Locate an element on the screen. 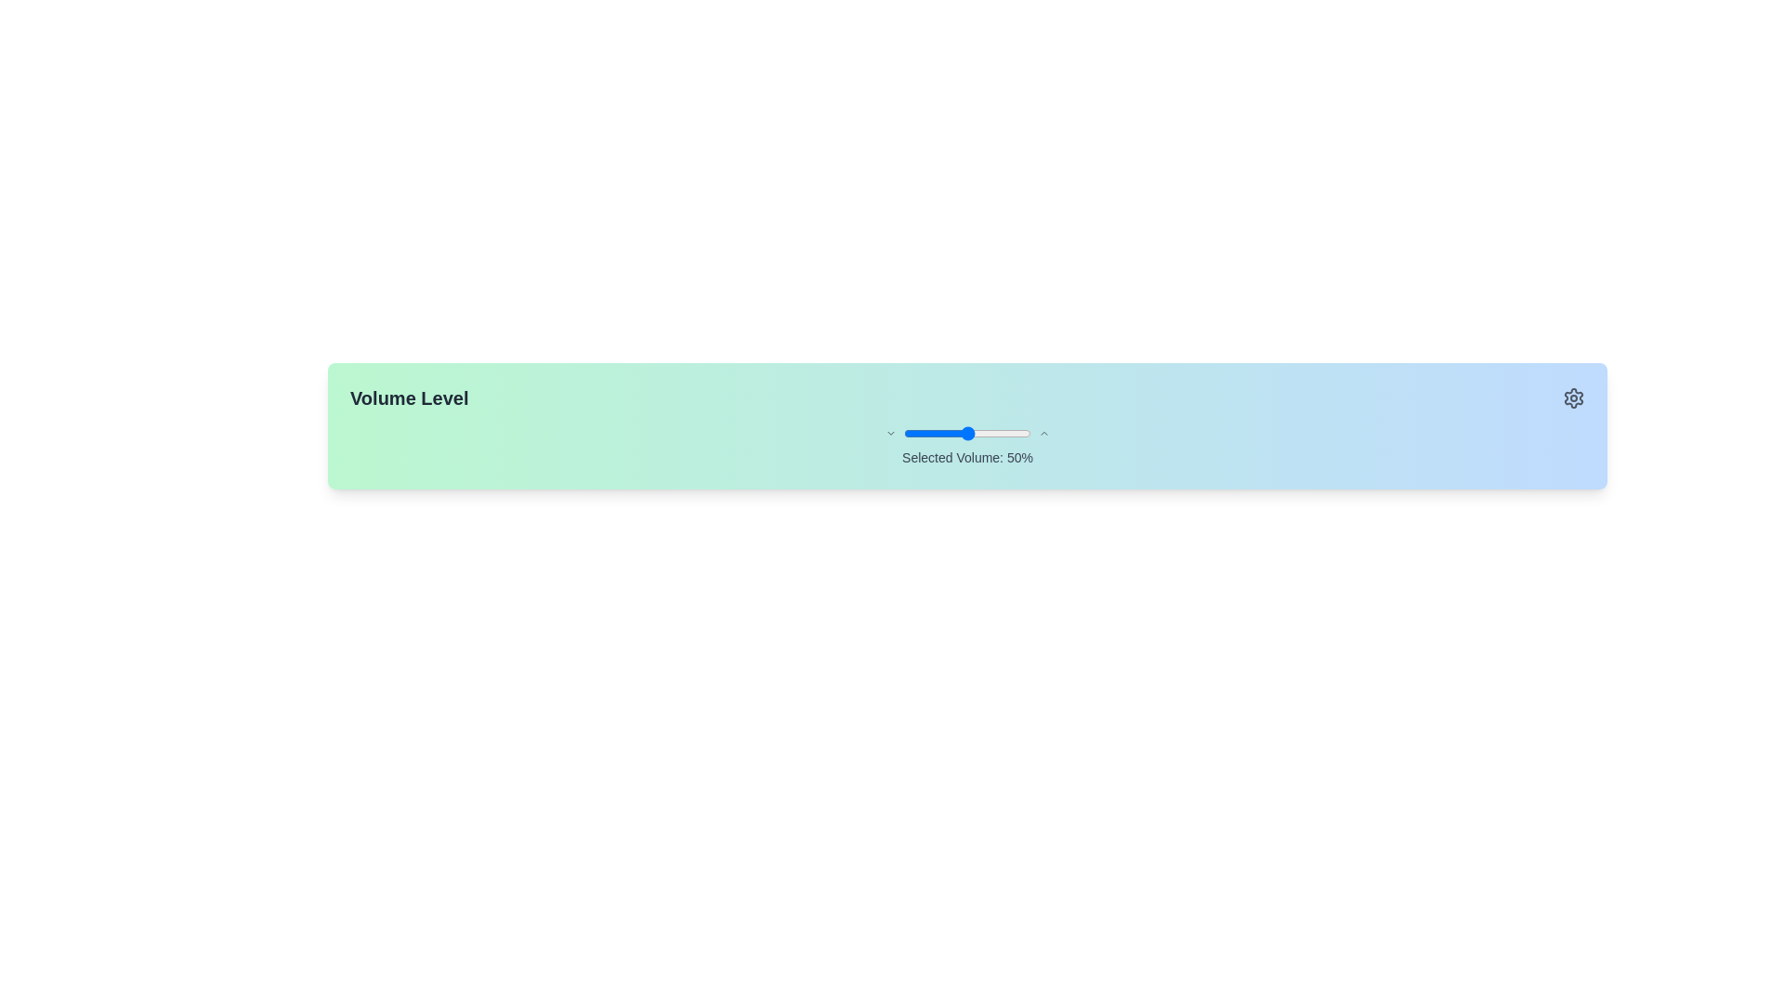  the slider value is located at coordinates (922, 433).